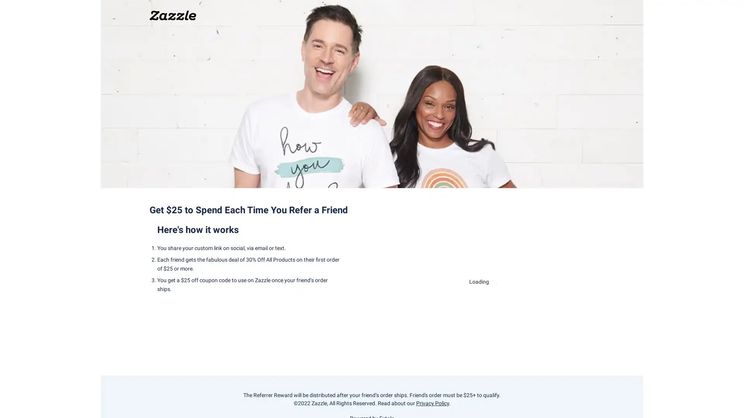 This screenshot has height=418, width=744. What do you see at coordinates (483, 305) in the screenshot?
I see `Enter` at bounding box center [483, 305].